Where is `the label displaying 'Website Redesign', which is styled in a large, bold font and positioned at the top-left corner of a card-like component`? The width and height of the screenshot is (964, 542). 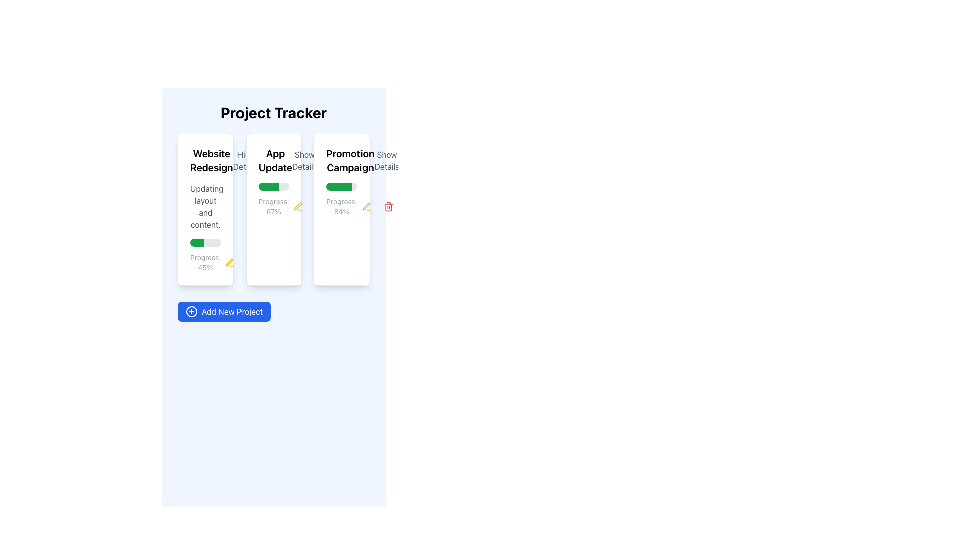 the label displaying 'Website Redesign', which is styled in a large, bold font and positioned at the top-left corner of a card-like component is located at coordinates (211, 160).